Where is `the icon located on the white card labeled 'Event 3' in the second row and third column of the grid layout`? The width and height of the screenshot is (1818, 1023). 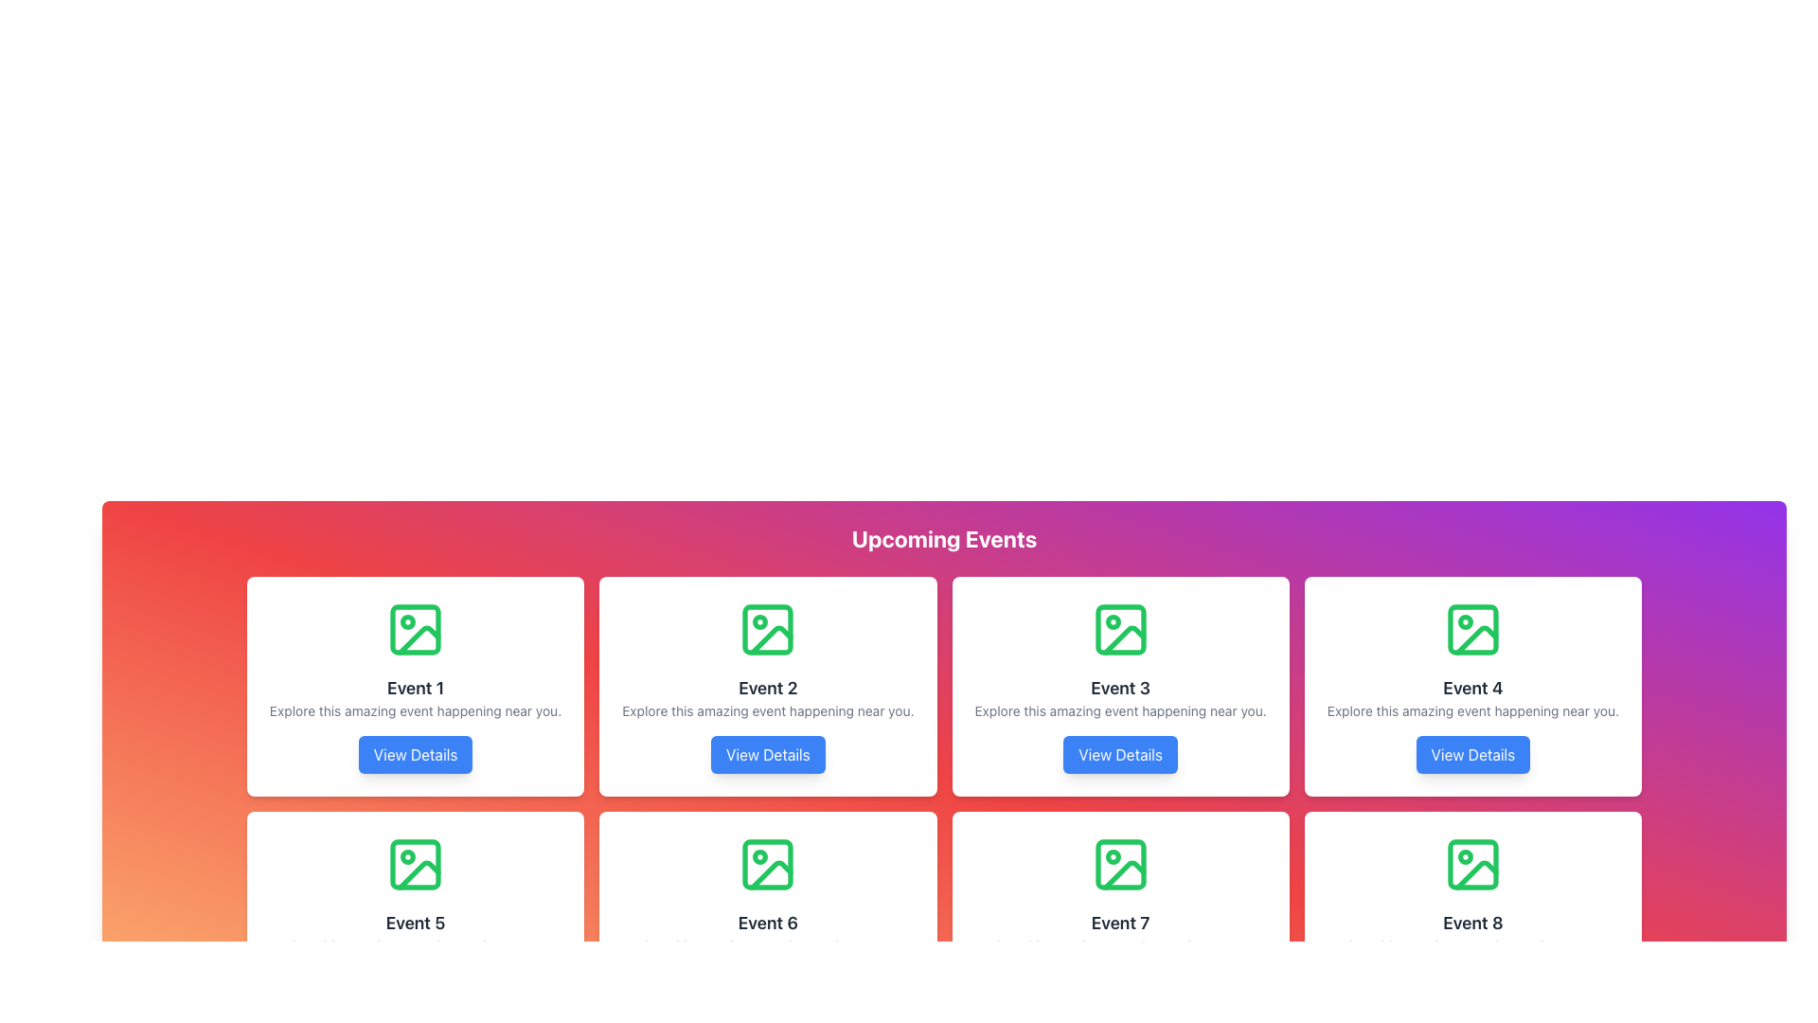
the icon located on the white card labeled 'Event 3' in the second row and third column of the grid layout is located at coordinates (1120, 629).